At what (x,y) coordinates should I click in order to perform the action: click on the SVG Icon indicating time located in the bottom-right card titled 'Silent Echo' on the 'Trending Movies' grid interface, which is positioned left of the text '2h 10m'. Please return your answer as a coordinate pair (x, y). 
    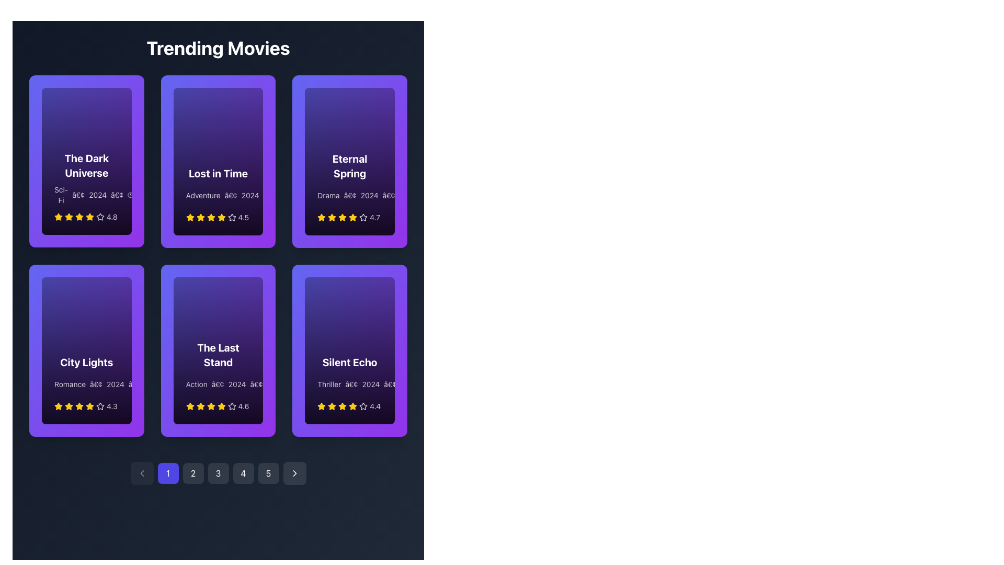
    Looking at the image, I should click on (403, 385).